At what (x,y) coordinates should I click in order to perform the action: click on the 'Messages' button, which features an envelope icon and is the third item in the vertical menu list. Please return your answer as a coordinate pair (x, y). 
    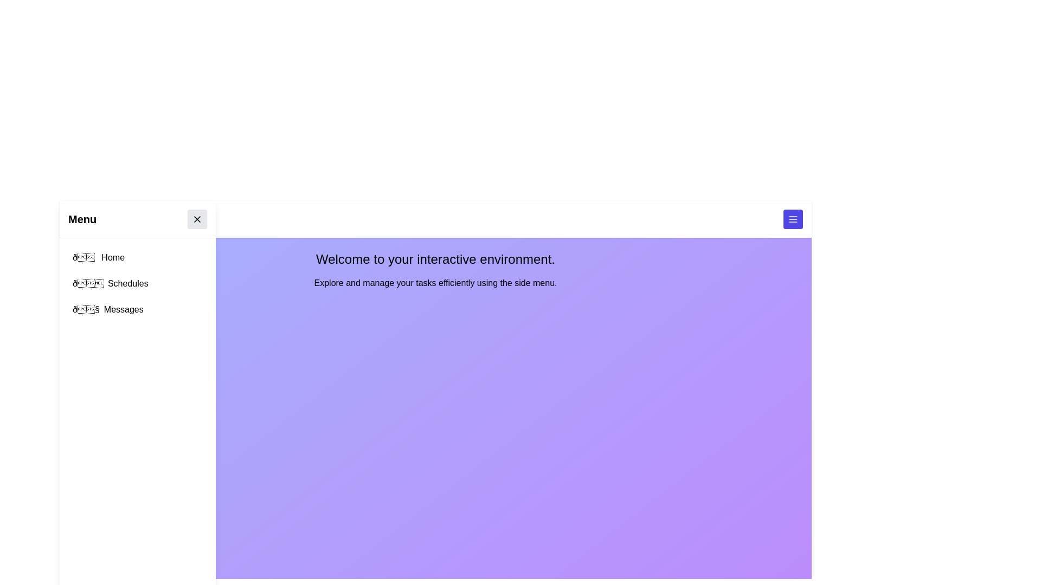
    Looking at the image, I should click on (137, 309).